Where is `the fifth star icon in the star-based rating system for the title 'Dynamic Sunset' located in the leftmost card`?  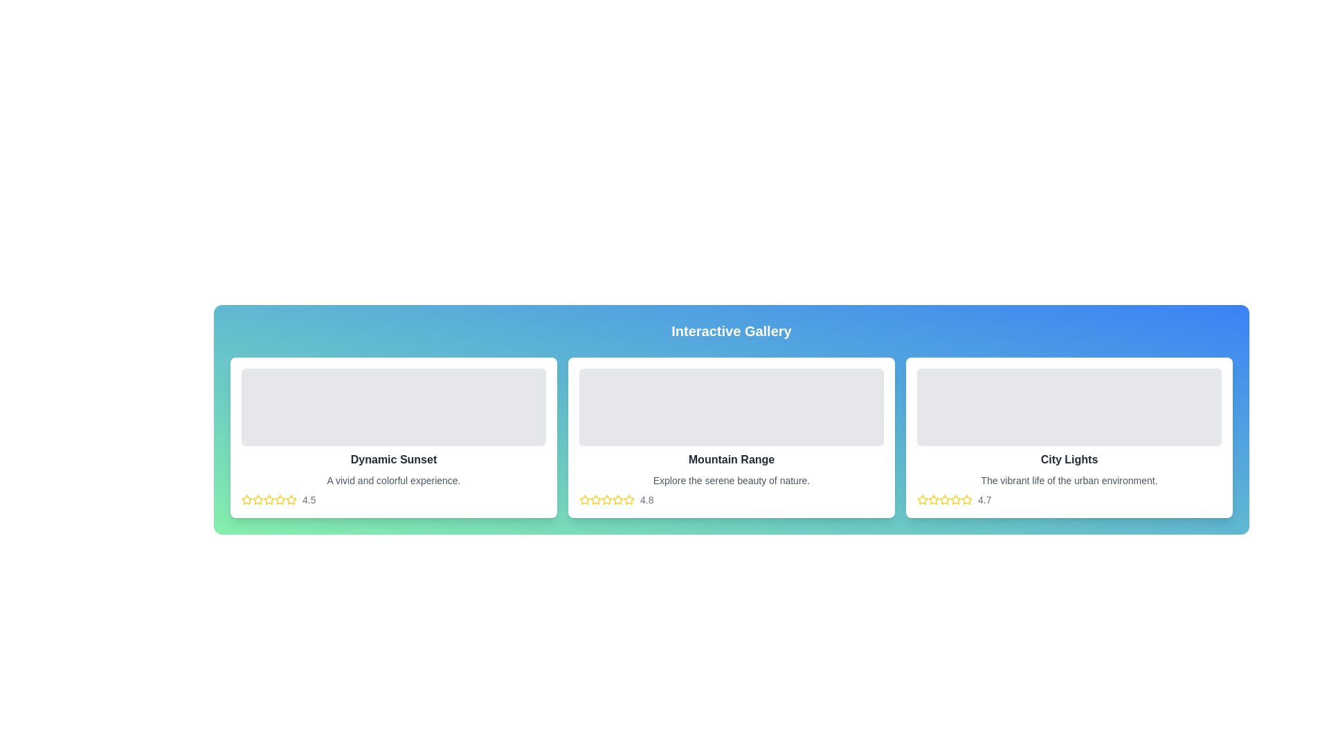
the fifth star icon in the star-based rating system for the title 'Dynamic Sunset' located in the leftmost card is located at coordinates (291, 499).